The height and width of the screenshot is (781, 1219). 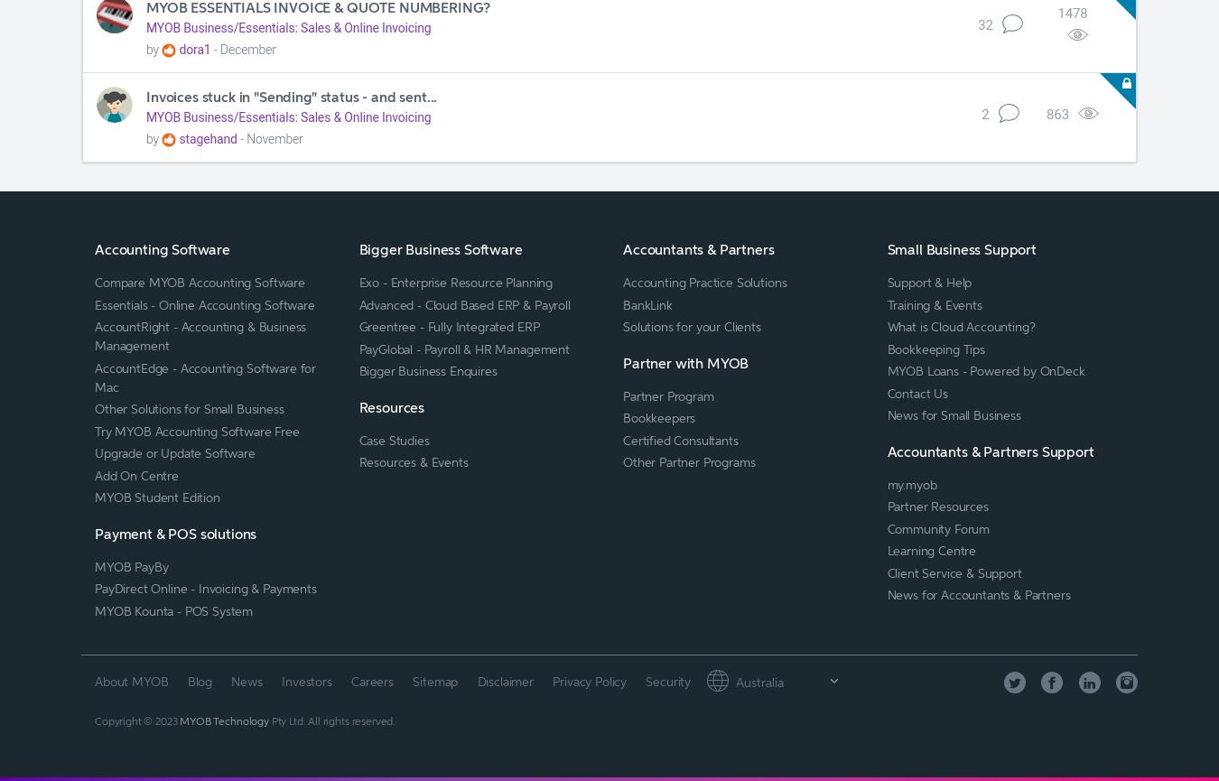 I want to click on 'Security', so click(x=666, y=679).